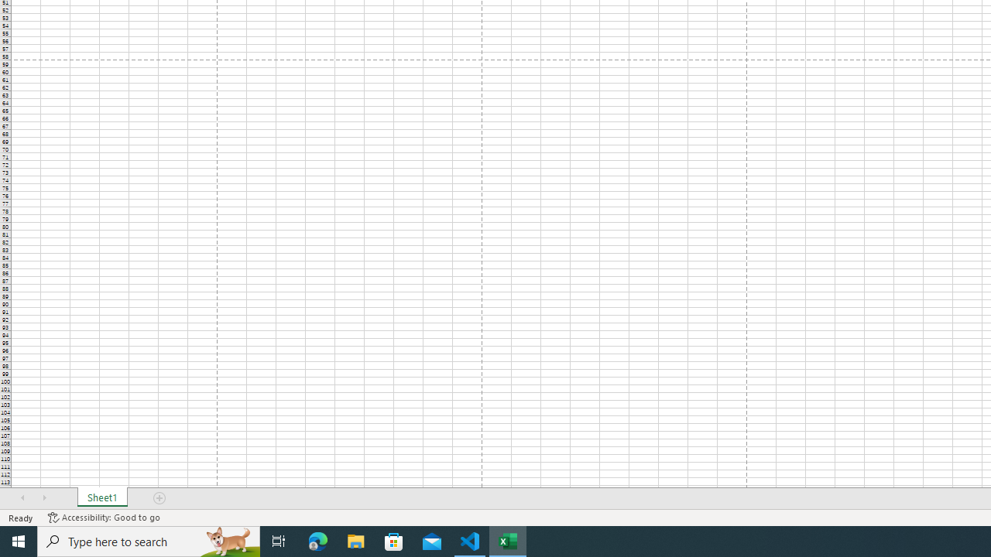 The width and height of the screenshot is (991, 557). I want to click on 'Accessibility Checker Accessibility: Good to go', so click(103, 518).